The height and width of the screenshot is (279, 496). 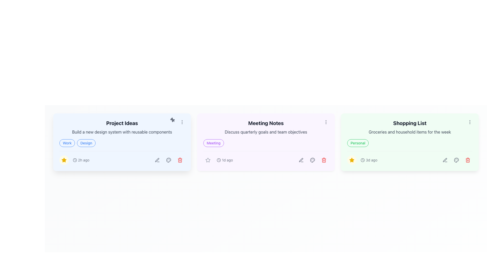 What do you see at coordinates (358, 143) in the screenshot?
I see `the design of the Tag label that categorizes the 'Shopping List' card under 'Personal', located below the section title in the 'Shopping List' area` at bounding box center [358, 143].